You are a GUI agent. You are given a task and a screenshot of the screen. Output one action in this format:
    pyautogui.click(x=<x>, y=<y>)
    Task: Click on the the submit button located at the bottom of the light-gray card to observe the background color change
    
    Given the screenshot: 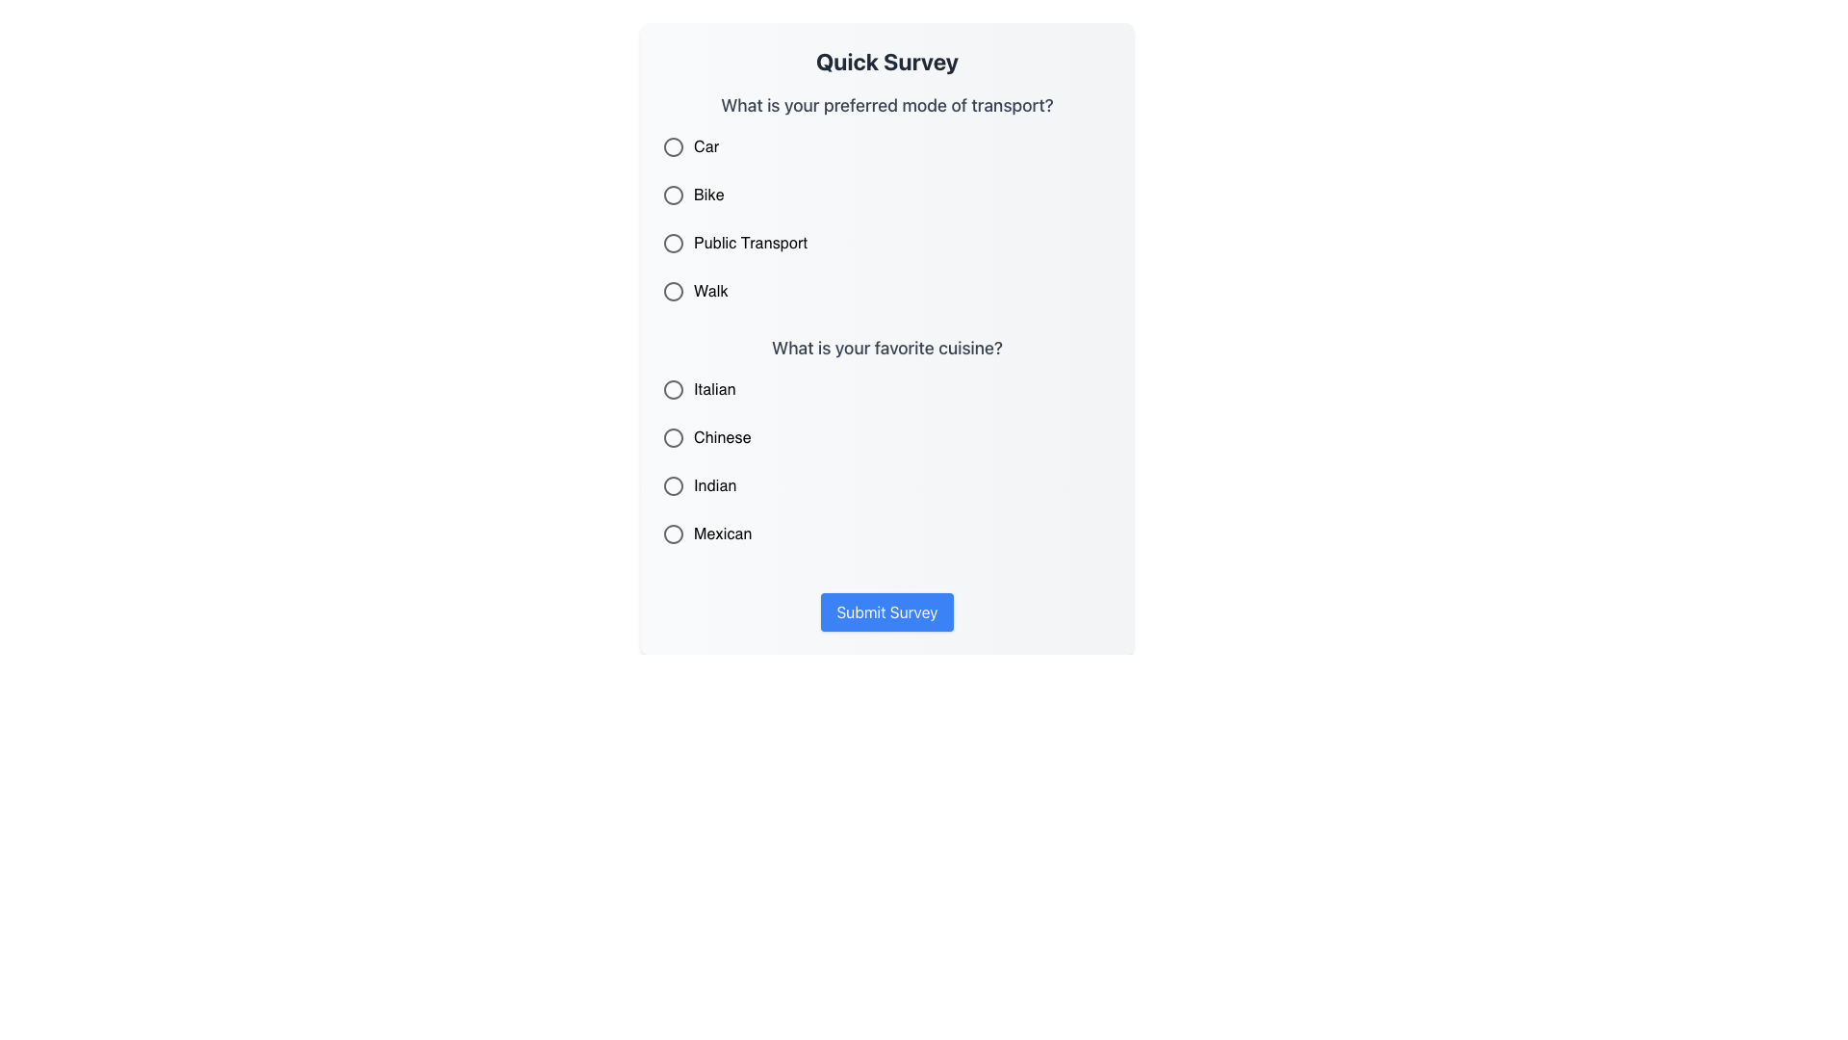 What is the action you would take?
    pyautogui.click(x=885, y=612)
    